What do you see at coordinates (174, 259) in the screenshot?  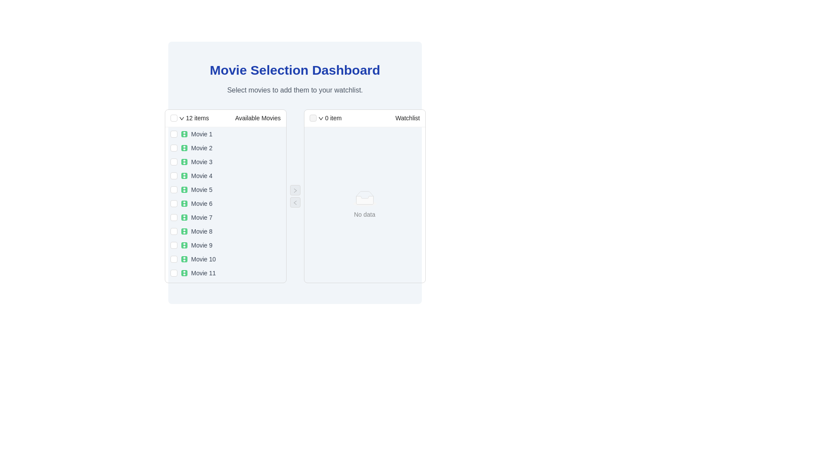 I see `the checkbox for 'Movie 10'` at bounding box center [174, 259].